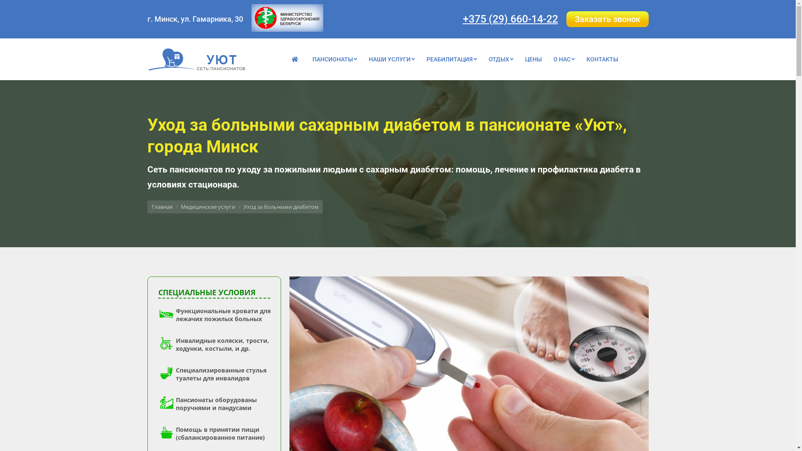 The height and width of the screenshot is (451, 802). What do you see at coordinates (510, 18) in the screenshot?
I see `'+375 (29) 660-14-22'` at bounding box center [510, 18].